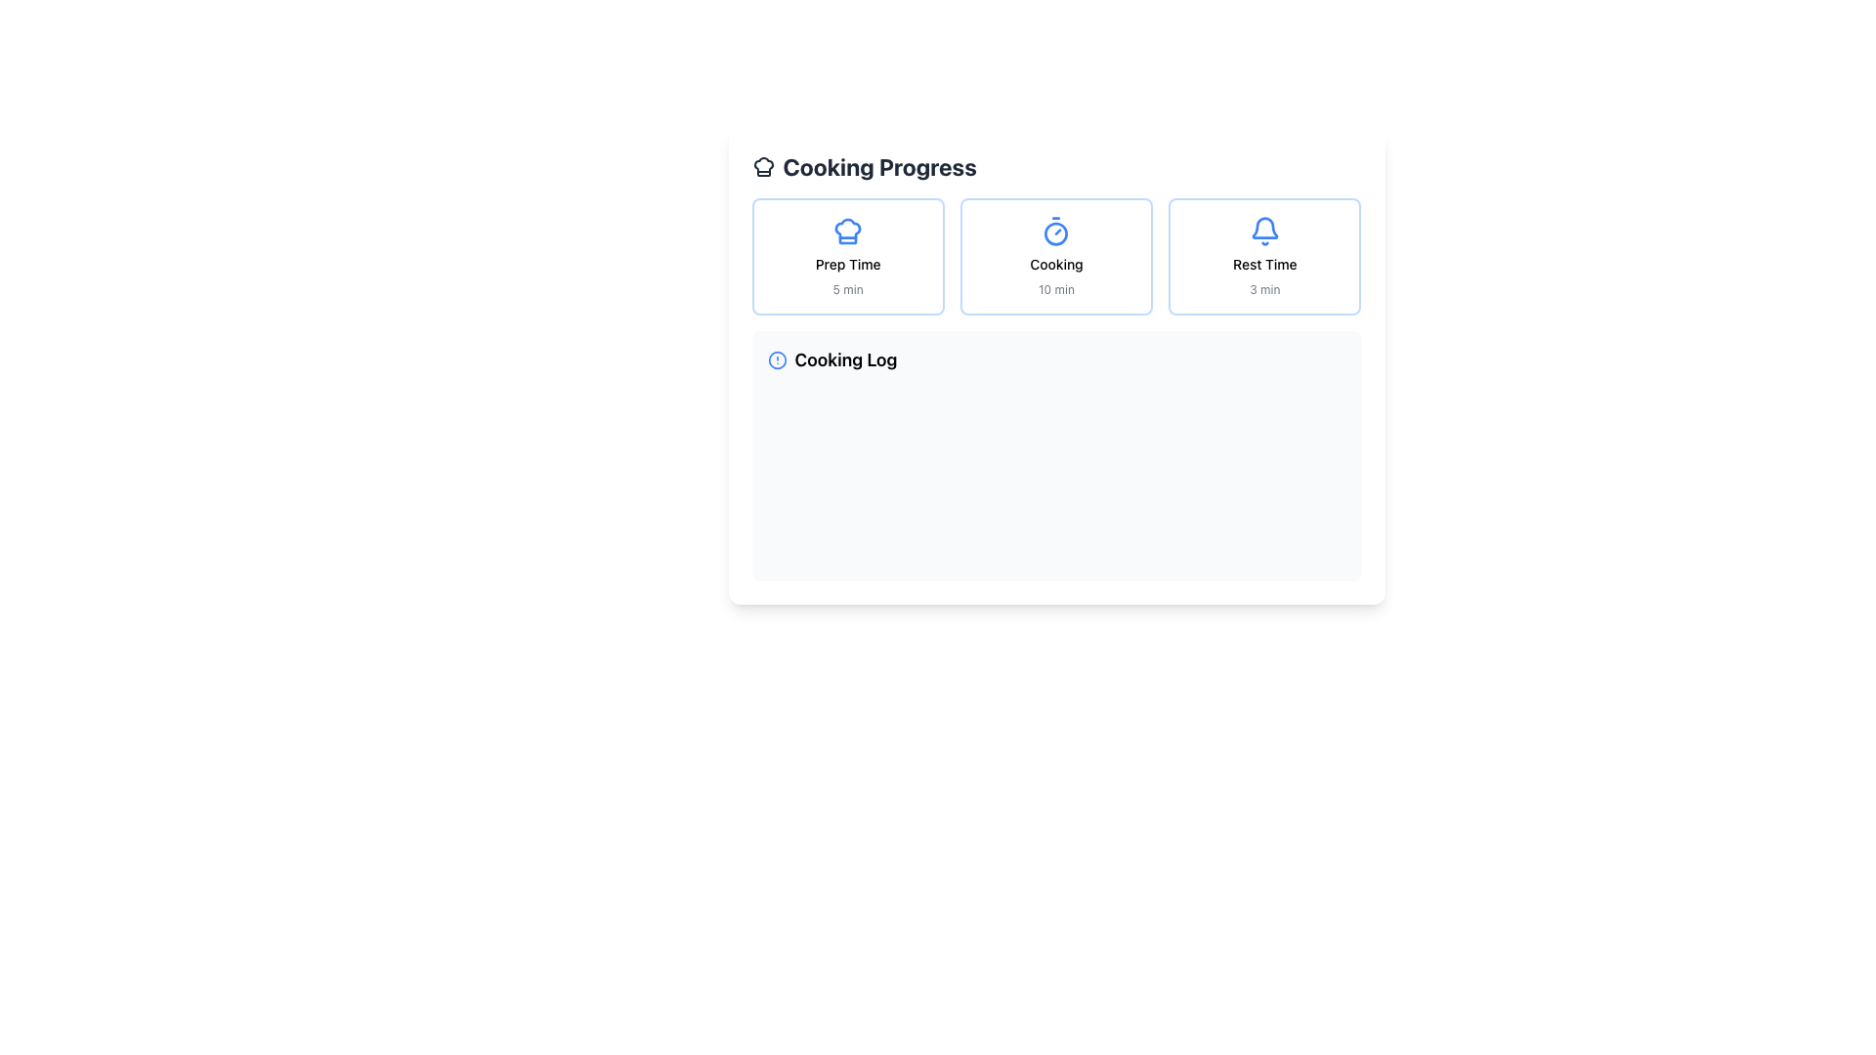 The height and width of the screenshot is (1055, 1876). I want to click on the text label displaying the preparation time duration ('5 min') located within the 'Prep Time' card of the 'Cooking Progress' section, below the 'Prep Time' label and the chef hat icon, so click(848, 290).